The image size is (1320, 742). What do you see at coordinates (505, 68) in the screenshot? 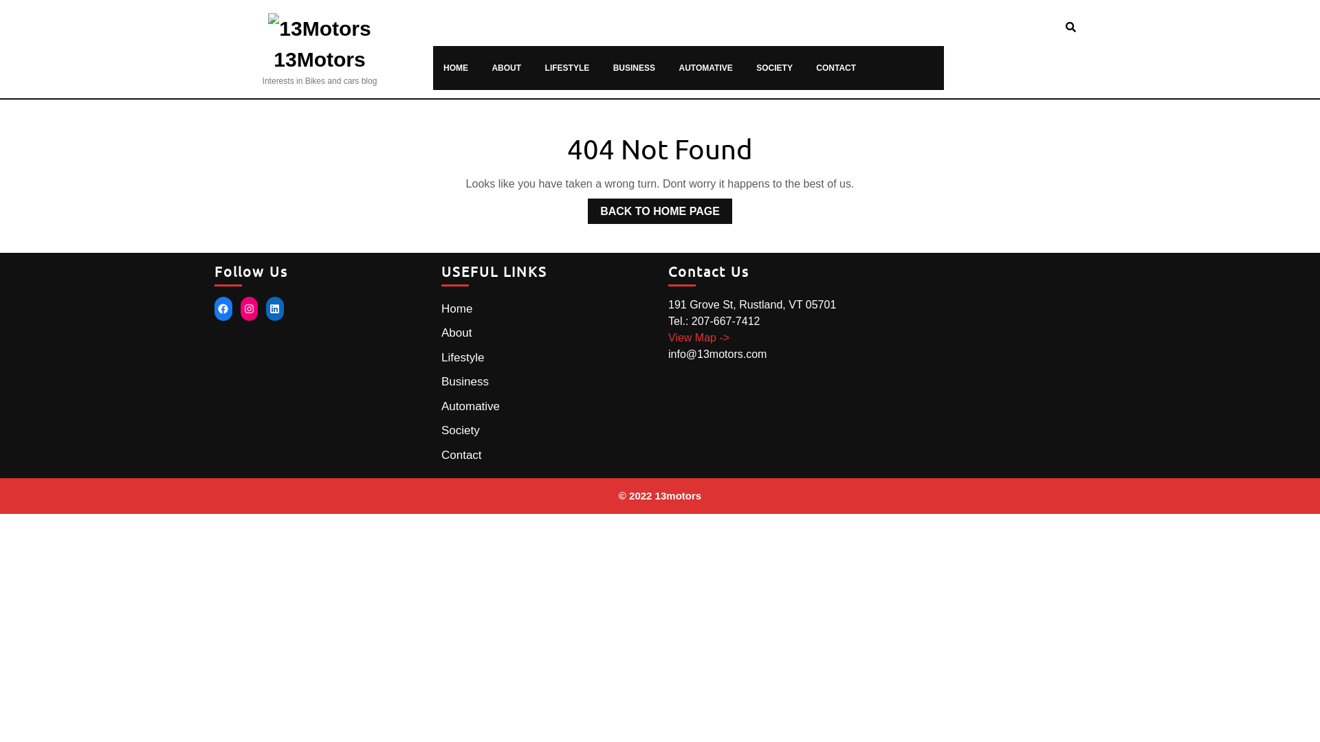
I see `'ABOUT'` at bounding box center [505, 68].